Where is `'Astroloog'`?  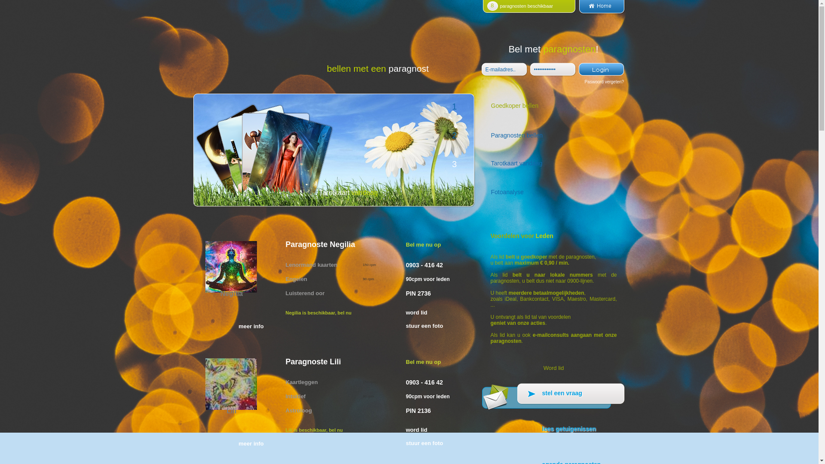
'Astroloog' is located at coordinates (298, 410).